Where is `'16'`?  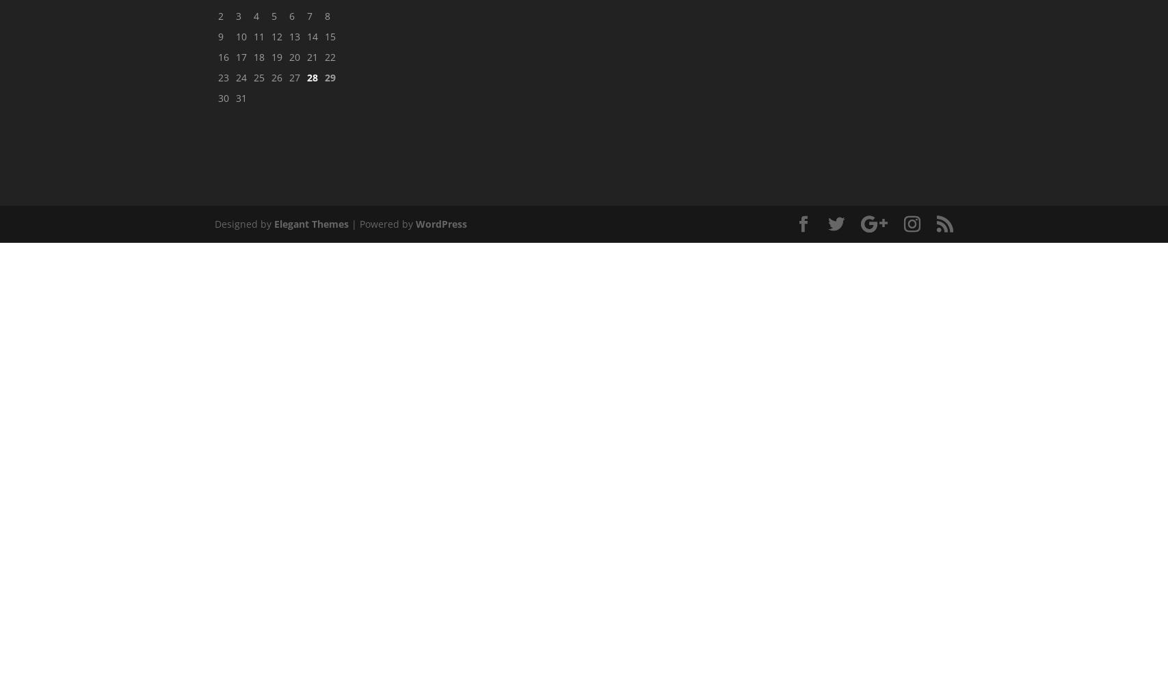 '16' is located at coordinates (224, 55).